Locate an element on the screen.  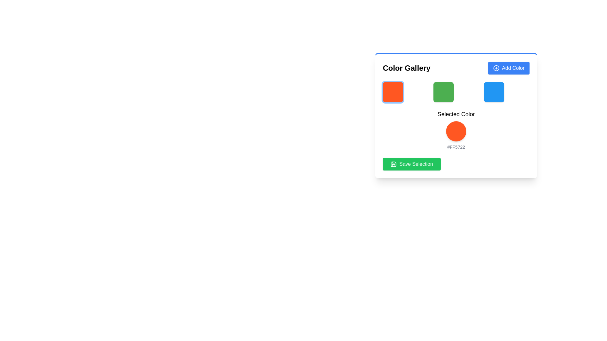
the second selectable color swatch in the Color Gallery is located at coordinates (443, 92).